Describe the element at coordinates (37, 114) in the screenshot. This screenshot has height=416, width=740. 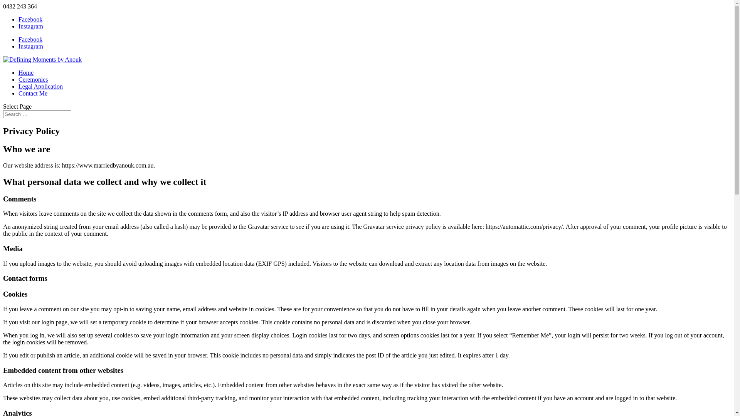
I see `'Search for:'` at that location.